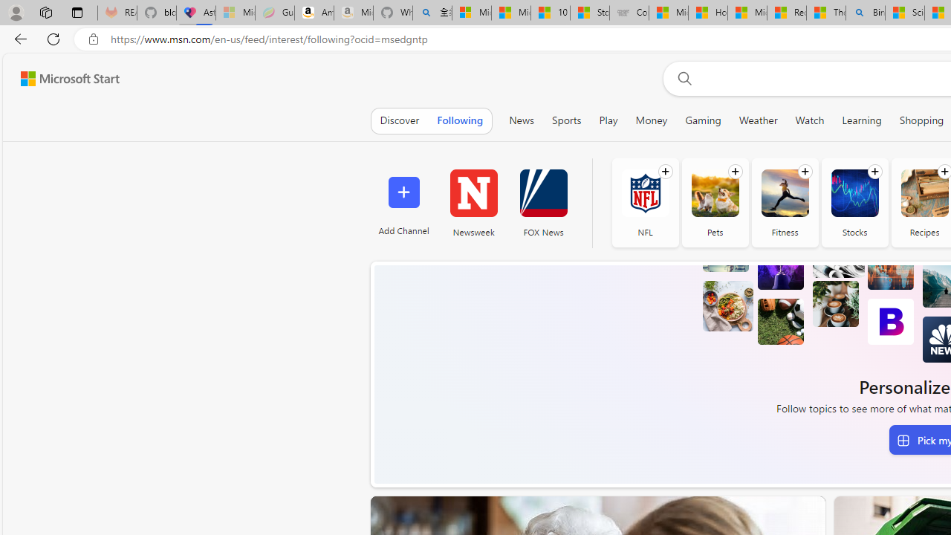  I want to click on 'Pets', so click(715, 192).